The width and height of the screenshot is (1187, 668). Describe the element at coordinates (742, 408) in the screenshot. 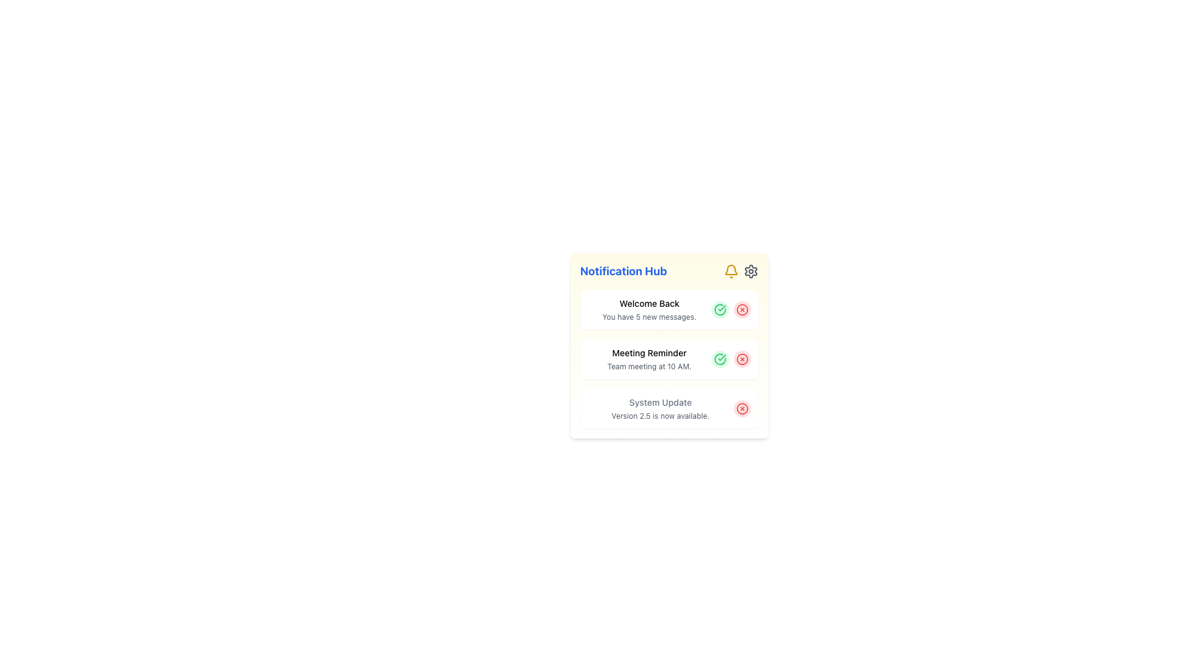

I see `the dismiss icon located at the bottom-right corner of the 'System Update' notification card, next to the text 'Version 2.5 is now available.'` at that location.